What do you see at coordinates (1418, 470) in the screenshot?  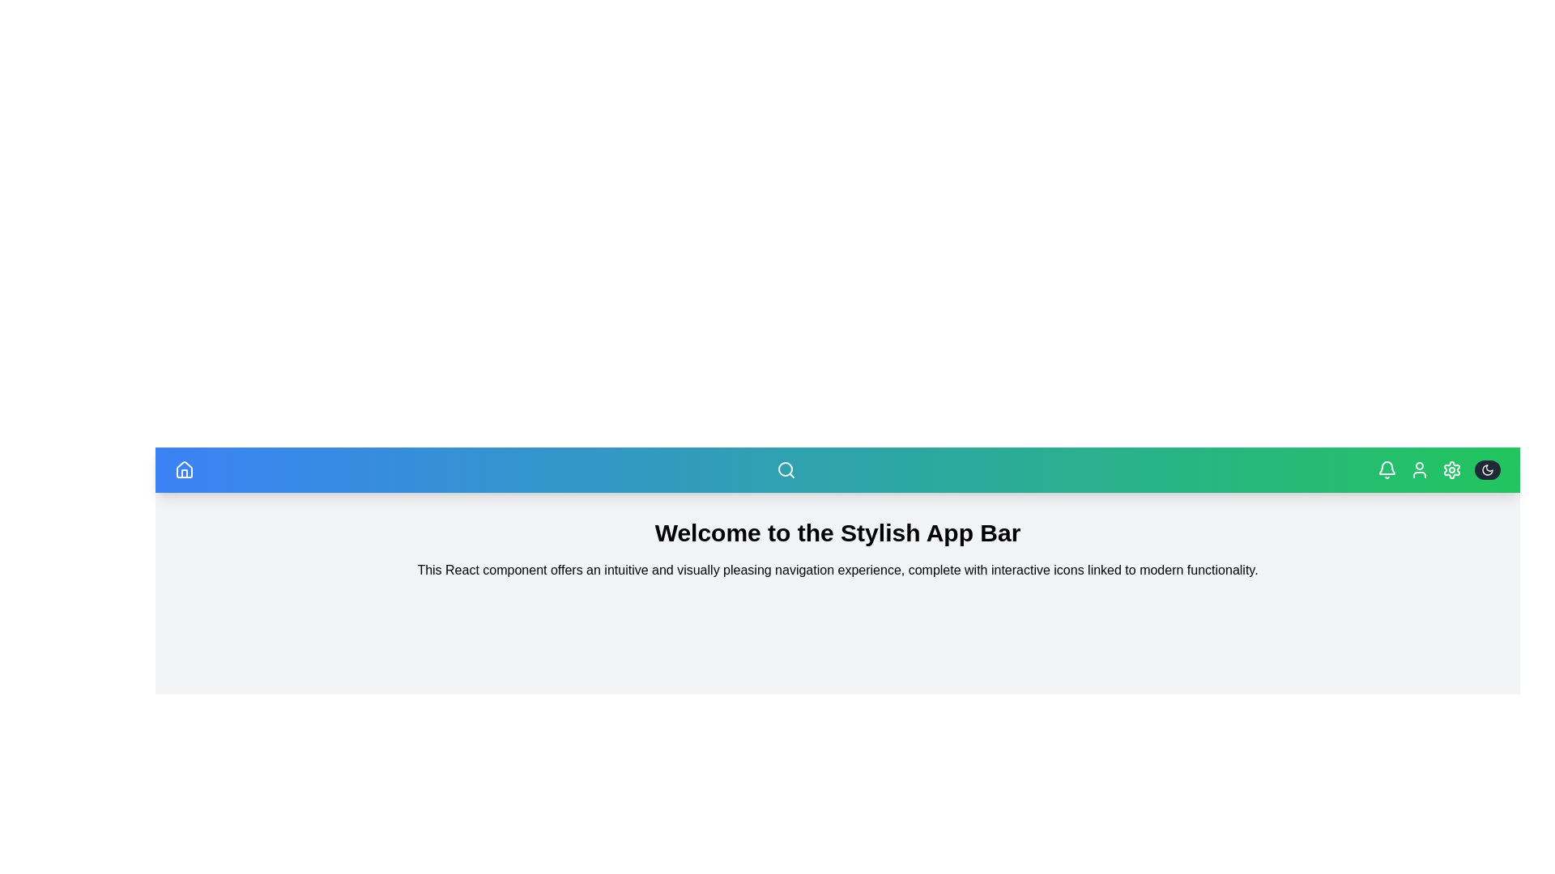 I see `the User icon to view the user profile` at bounding box center [1418, 470].